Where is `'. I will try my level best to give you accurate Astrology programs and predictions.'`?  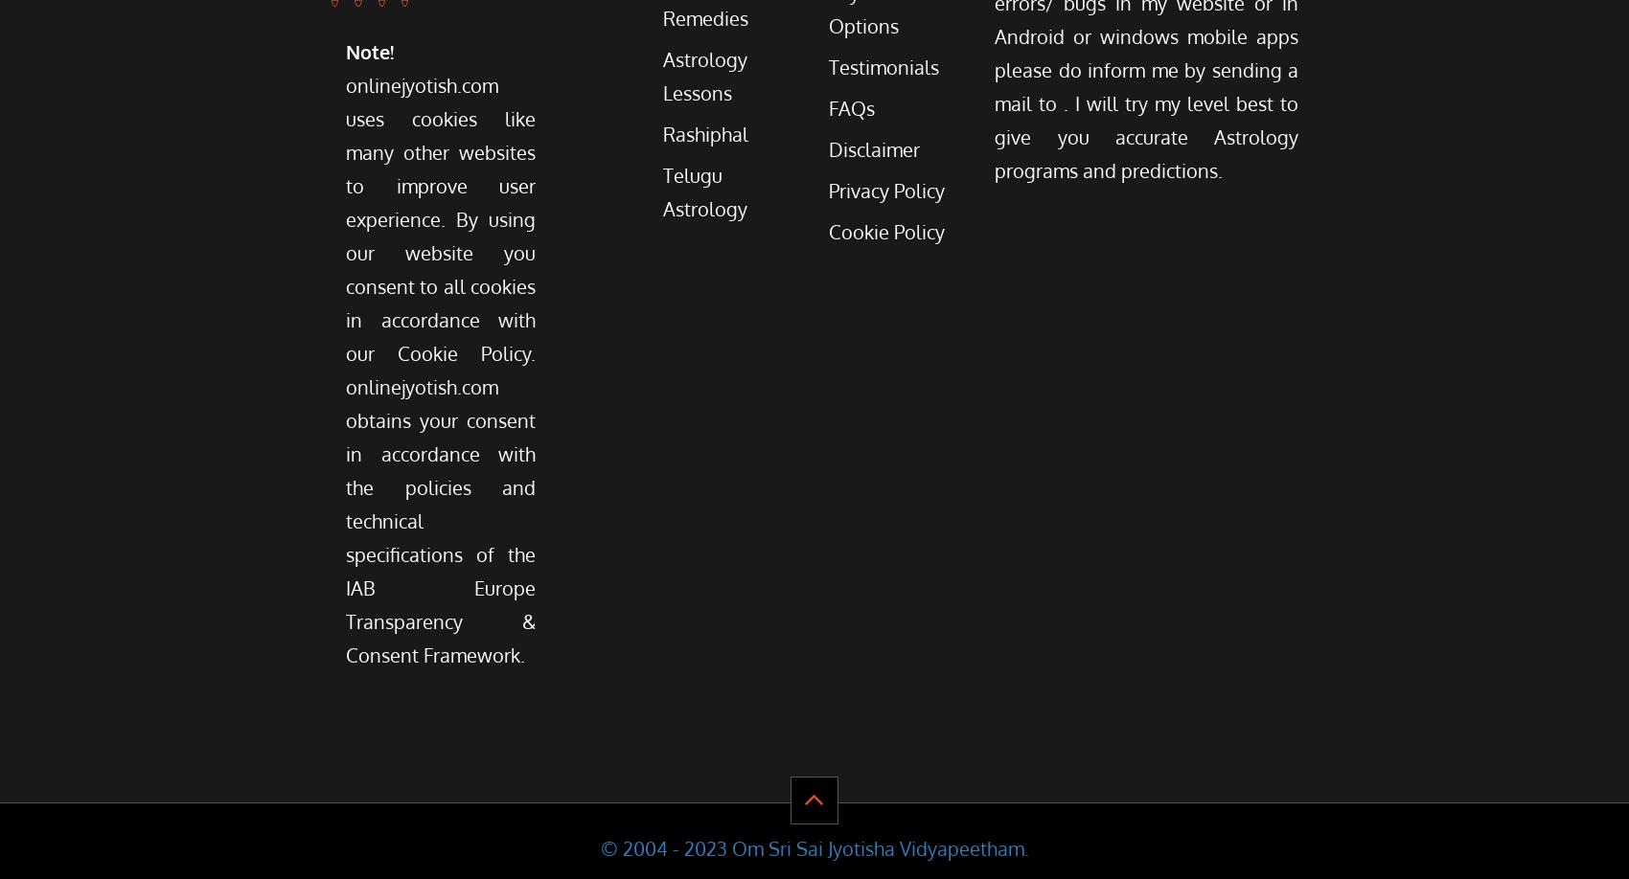
'. I will try my level best to give you accurate Astrology programs and predictions.' is located at coordinates (1144, 136).